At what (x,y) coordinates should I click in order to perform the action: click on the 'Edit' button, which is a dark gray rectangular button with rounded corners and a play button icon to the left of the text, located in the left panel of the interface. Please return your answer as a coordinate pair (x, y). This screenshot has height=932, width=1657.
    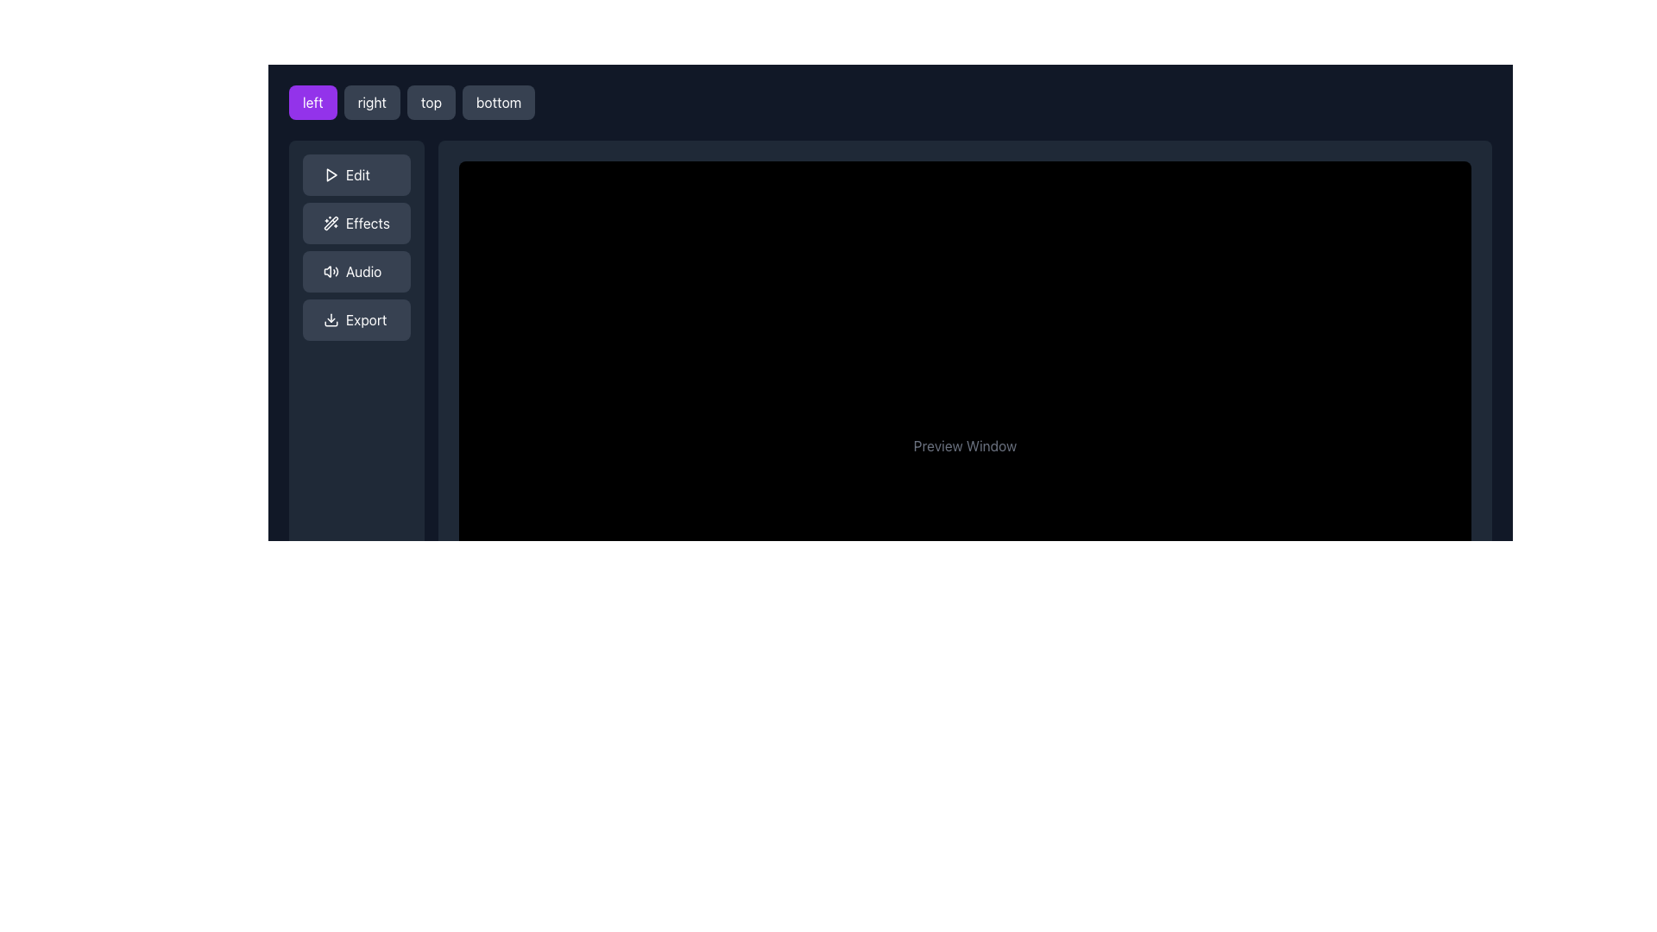
    Looking at the image, I should click on (356, 175).